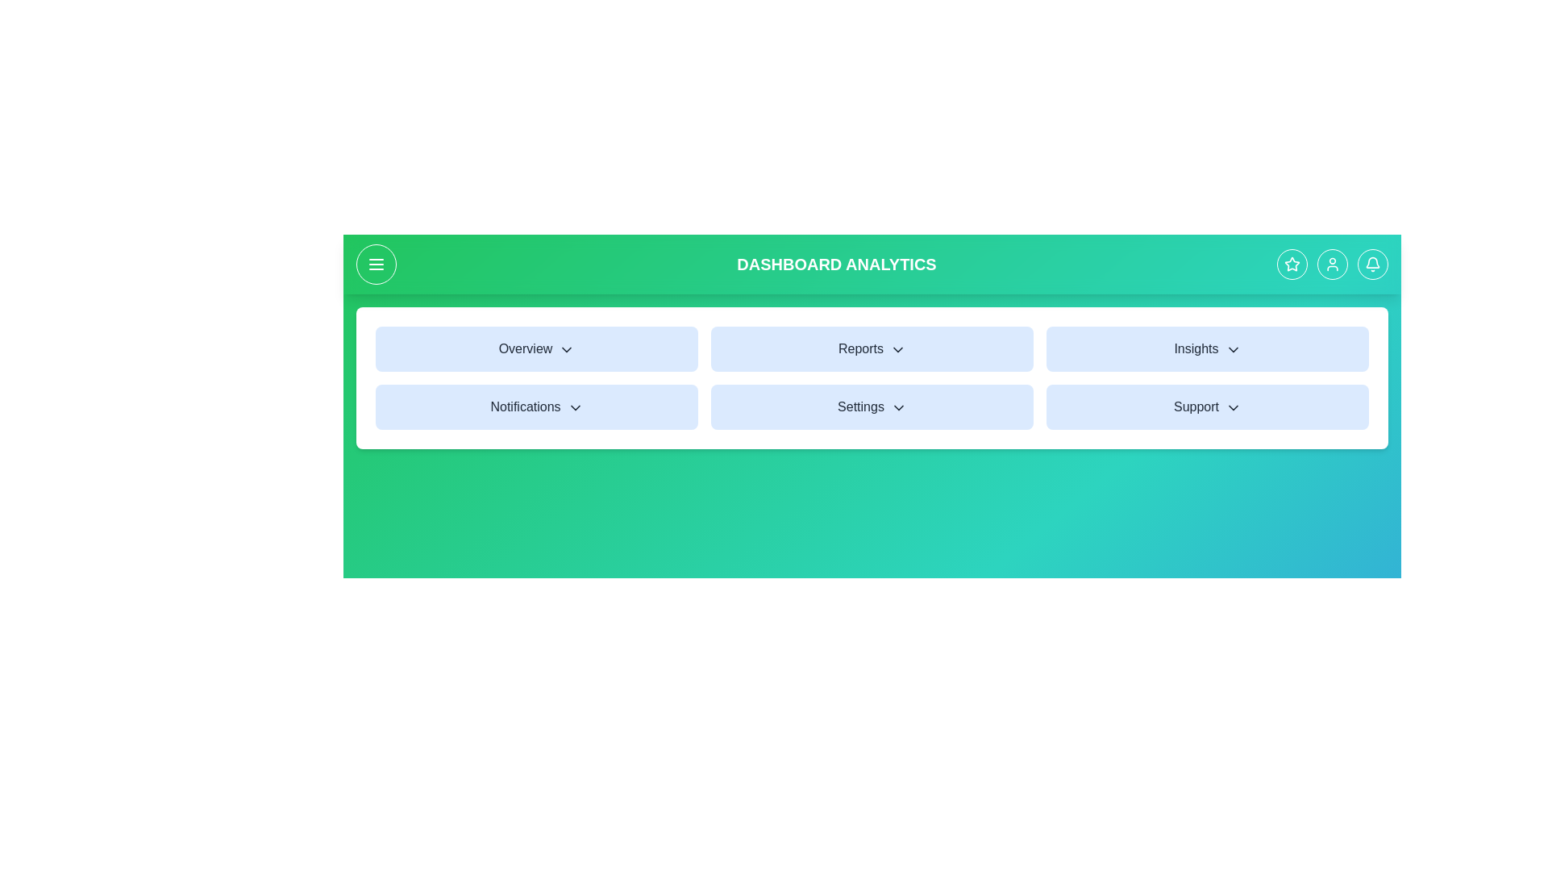  Describe the element at coordinates (1207, 406) in the screenshot. I see `the Support menu item to open its dropdown` at that location.